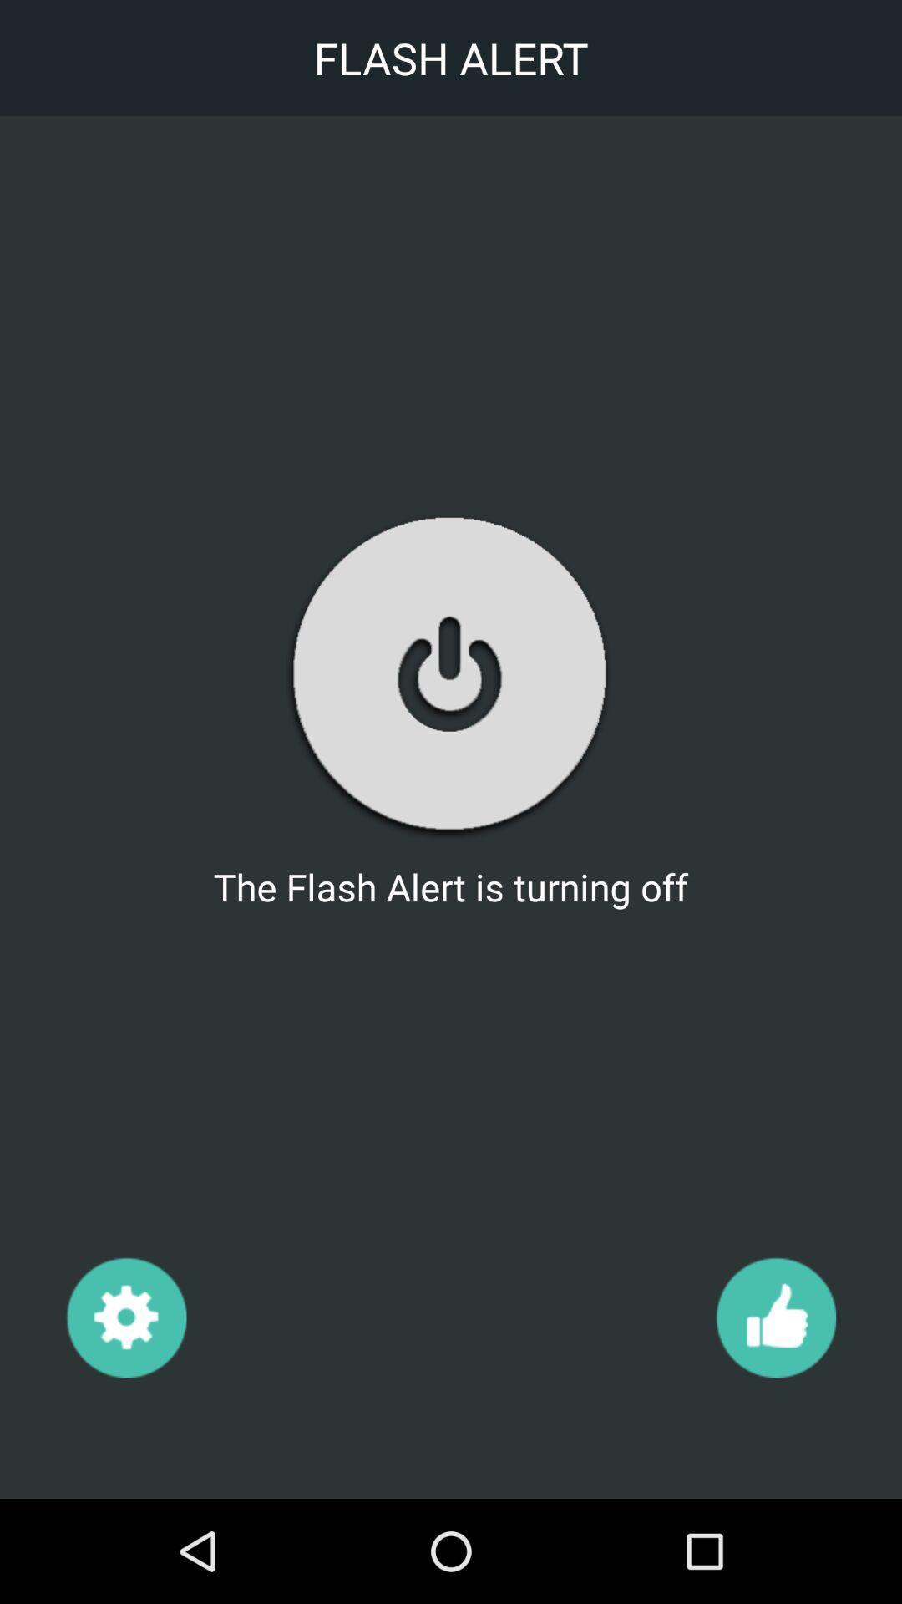 This screenshot has height=1604, width=902. I want to click on item below flash alert app, so click(775, 1316).